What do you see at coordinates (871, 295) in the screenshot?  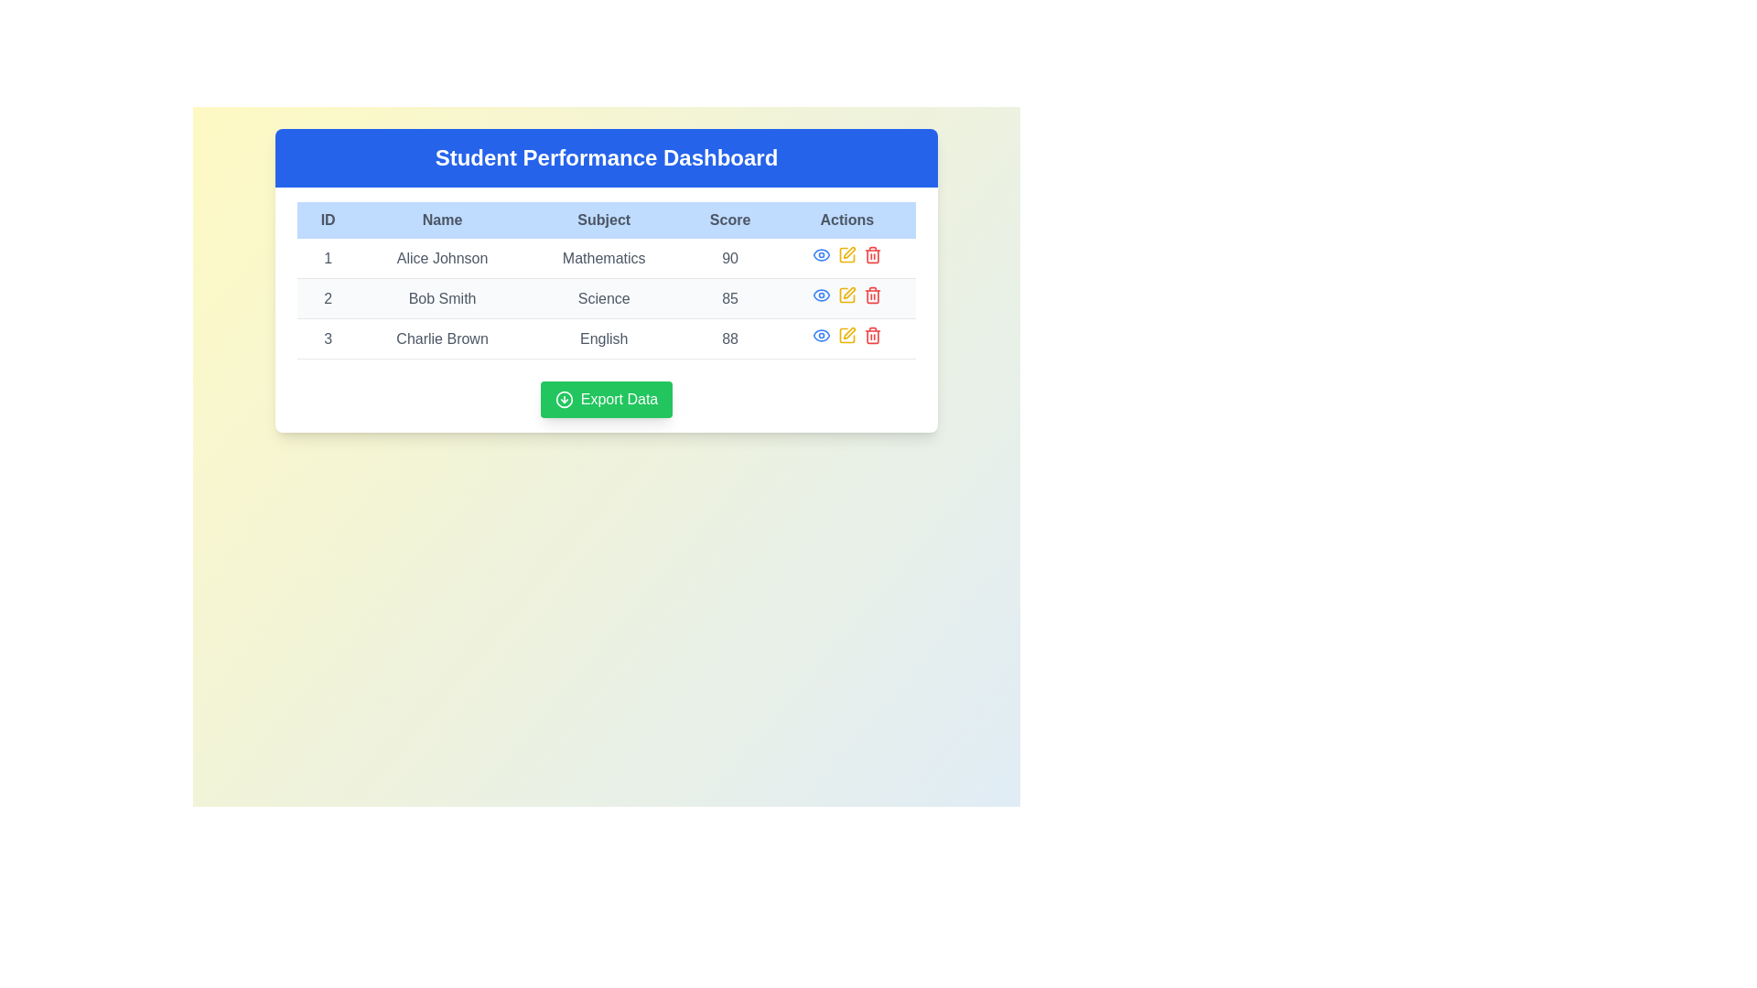 I see `the delete icon button associated with deleting the record for the second row of data` at bounding box center [871, 295].